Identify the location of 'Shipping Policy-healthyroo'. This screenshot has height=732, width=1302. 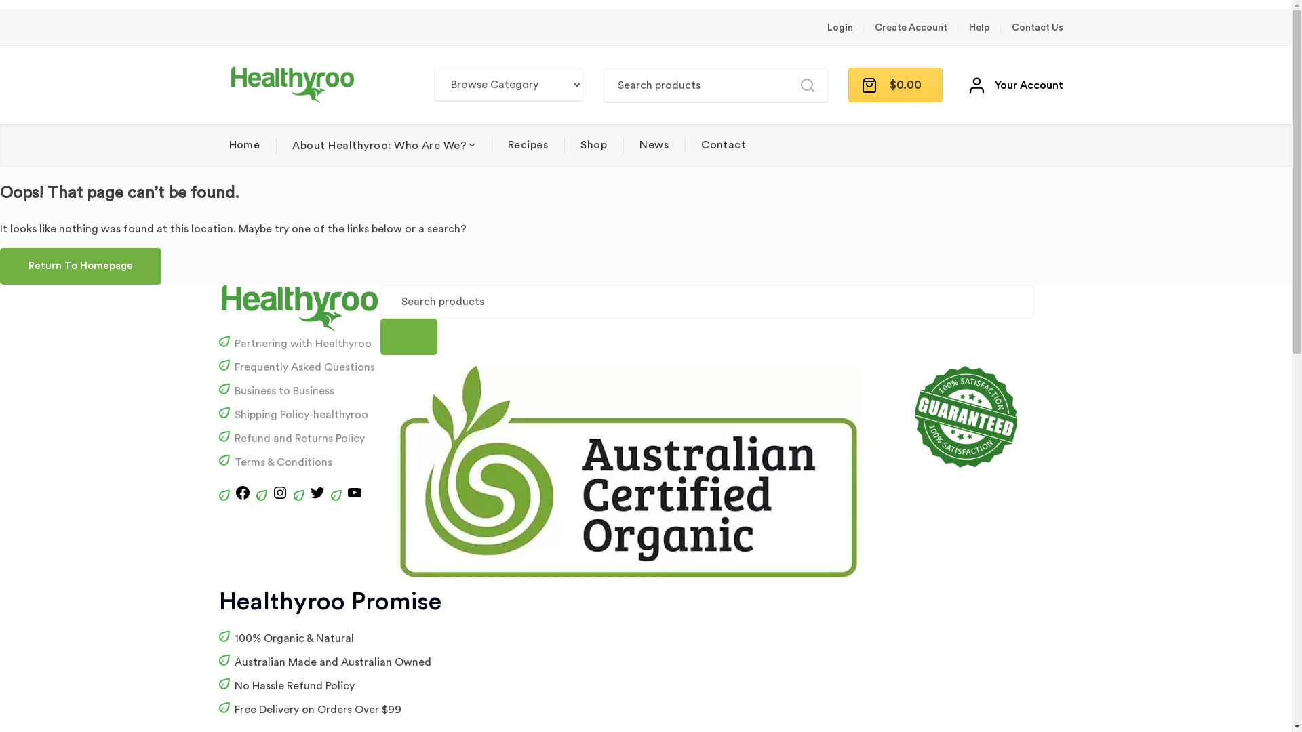
(300, 414).